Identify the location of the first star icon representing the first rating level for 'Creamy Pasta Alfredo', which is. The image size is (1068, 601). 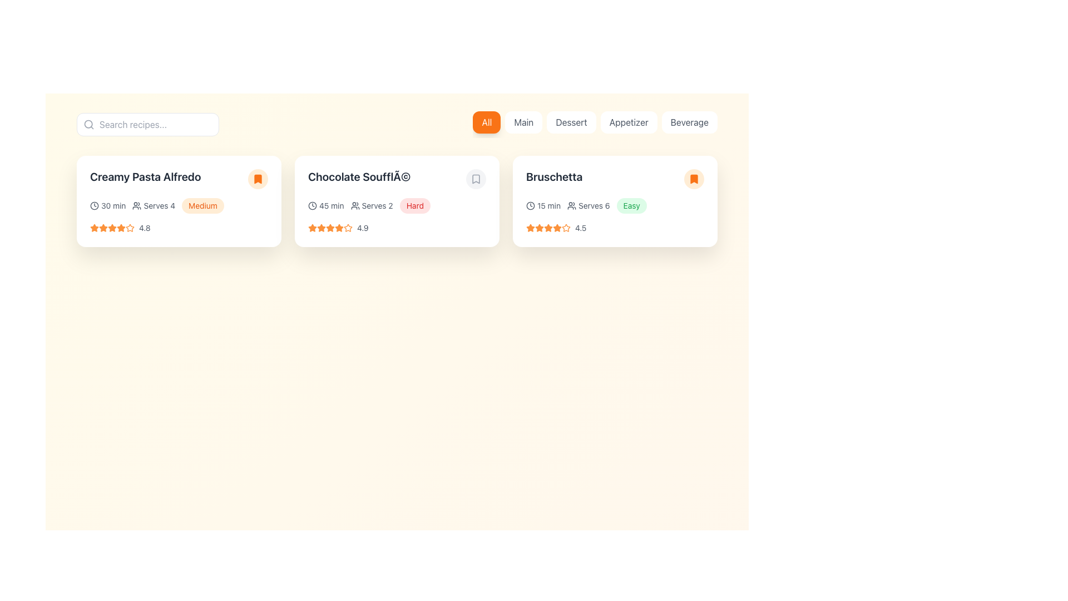
(103, 227).